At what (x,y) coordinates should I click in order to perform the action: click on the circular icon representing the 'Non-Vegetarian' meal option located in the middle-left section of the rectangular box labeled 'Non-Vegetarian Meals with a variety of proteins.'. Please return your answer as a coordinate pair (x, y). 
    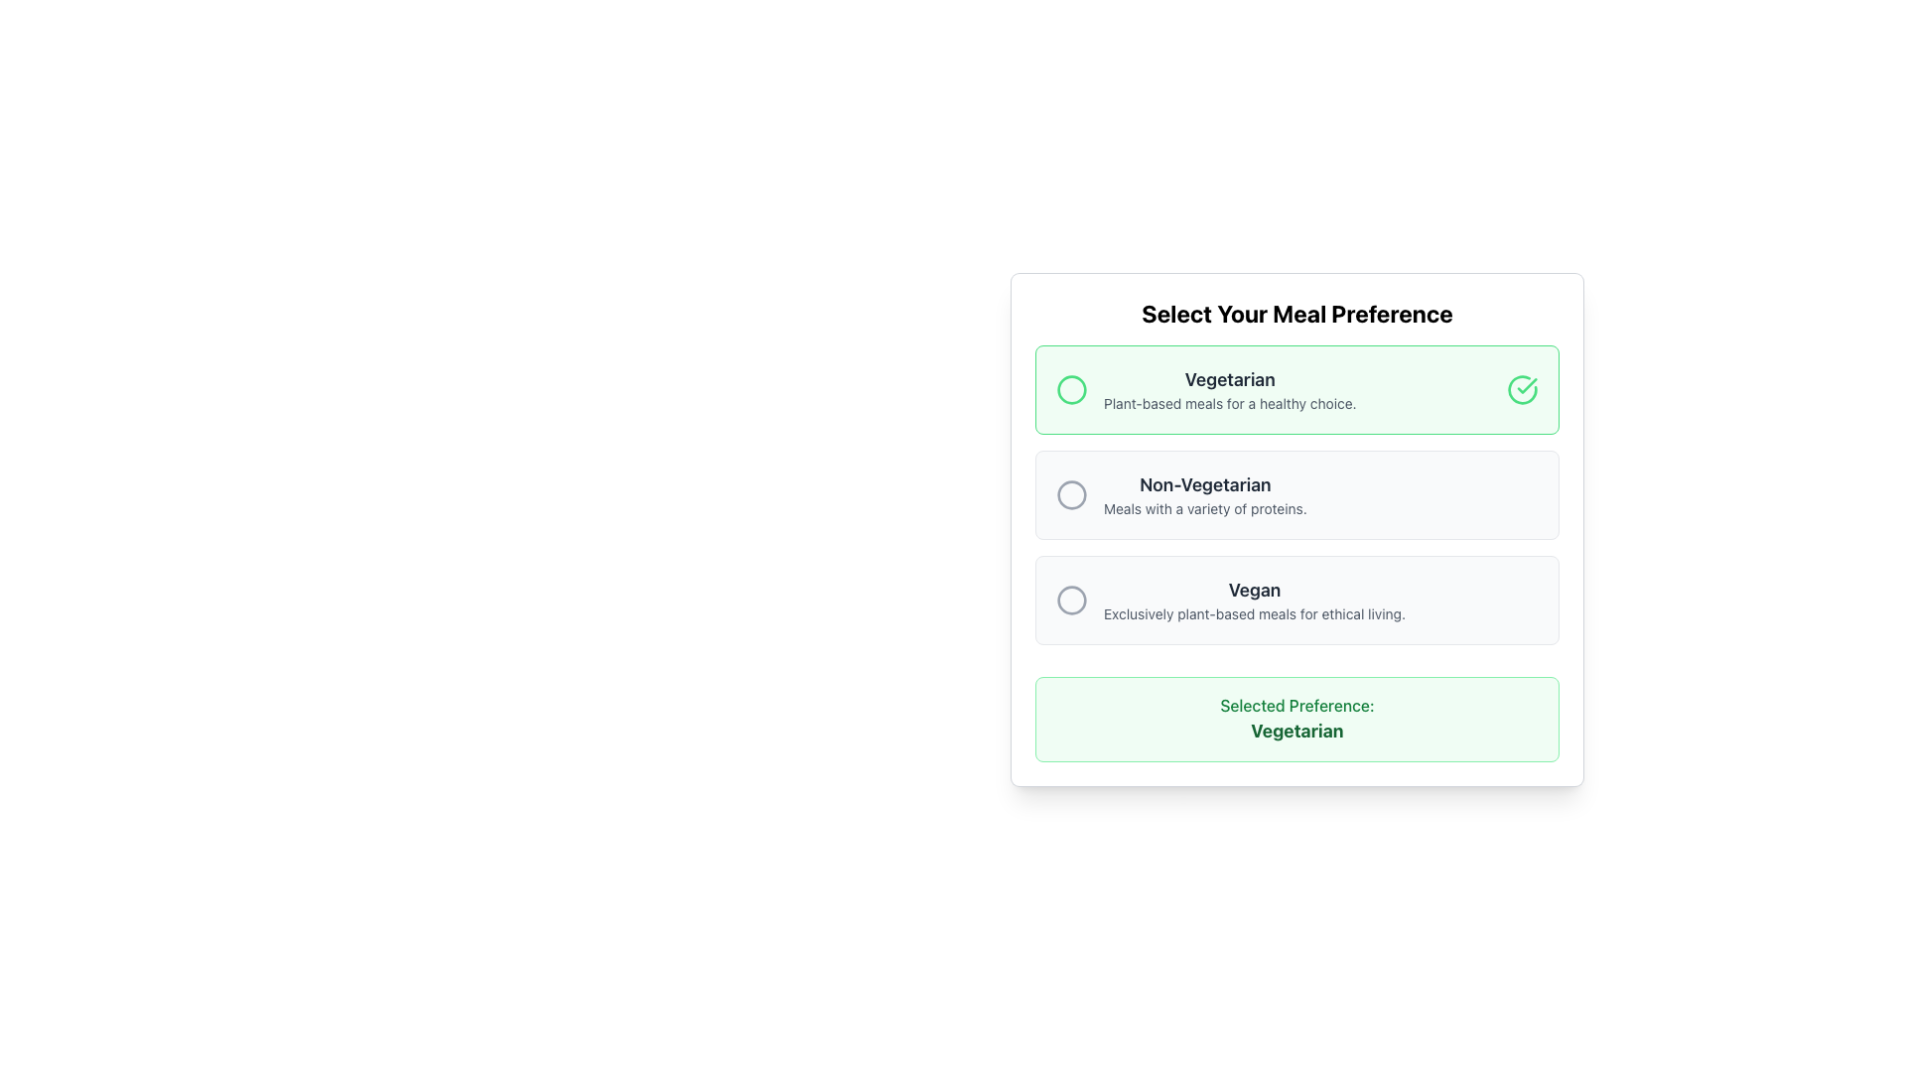
    Looking at the image, I should click on (1071, 493).